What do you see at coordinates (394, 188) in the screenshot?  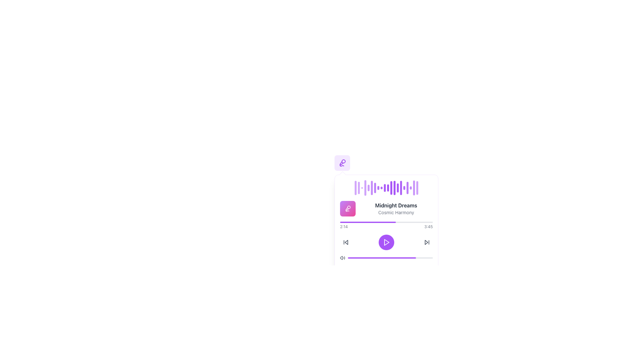 I see `the twelfth vertically aligned purple Waveform bar located above the title 'Midnight Dreams'` at bounding box center [394, 188].